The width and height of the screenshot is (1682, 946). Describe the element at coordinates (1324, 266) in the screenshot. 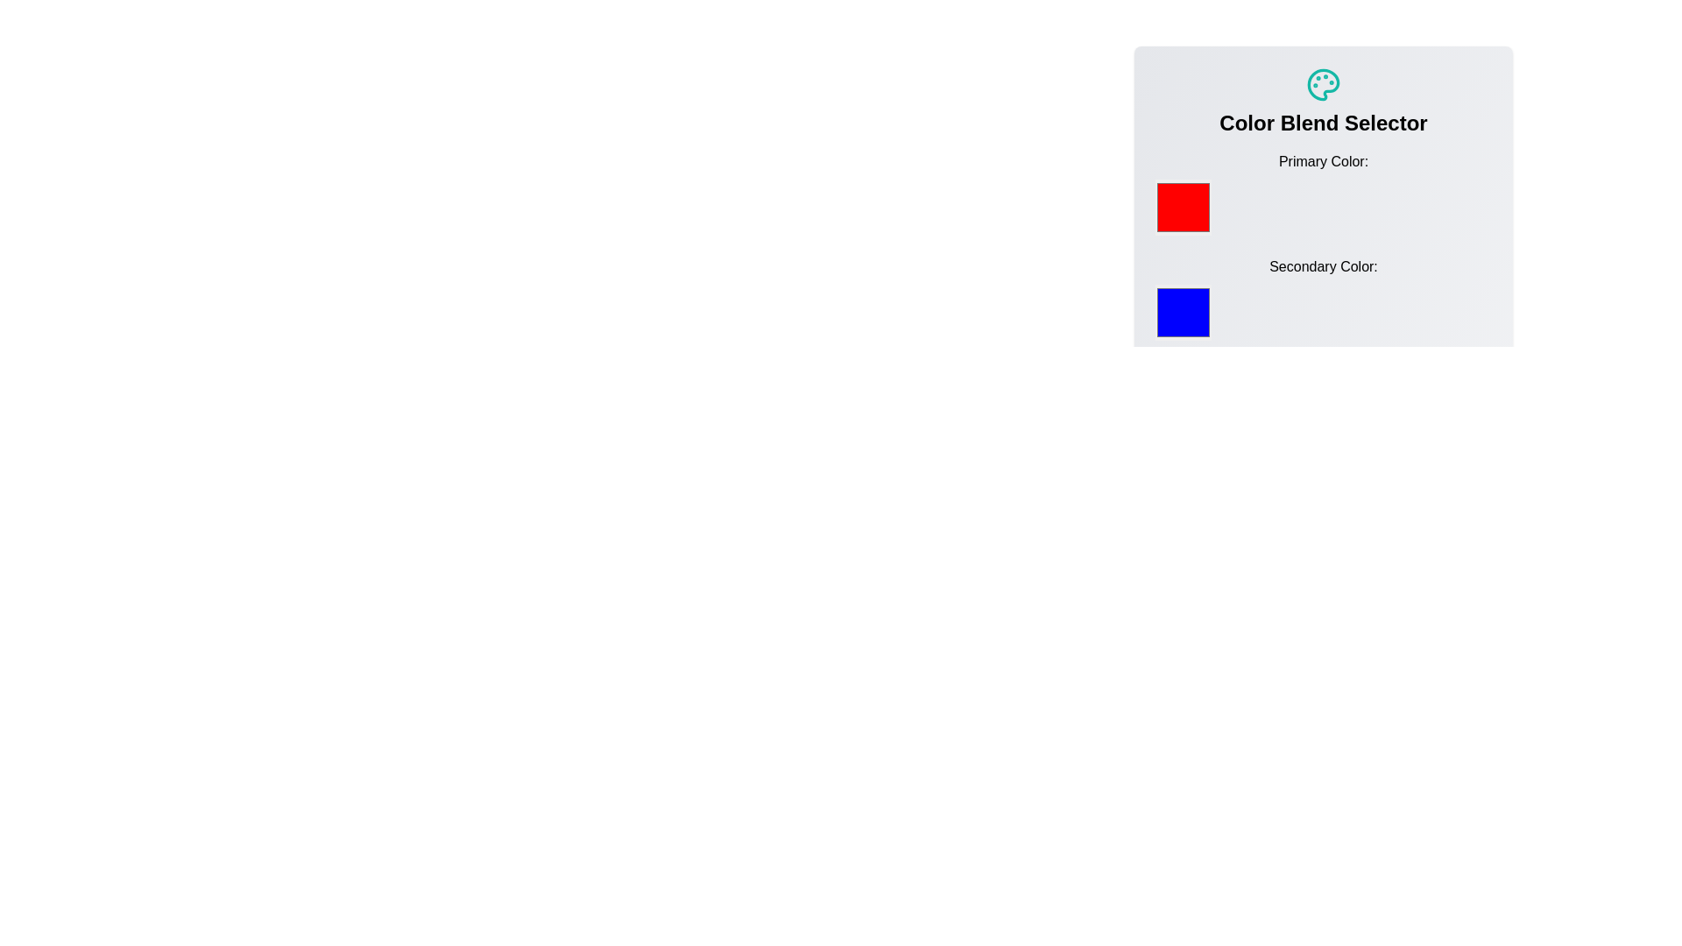

I see `the text label reading 'Secondary Color:' which is displayed in a bold font style and located below the 'Primary Color:' label in the 'Color Blend Selector' panel` at that location.